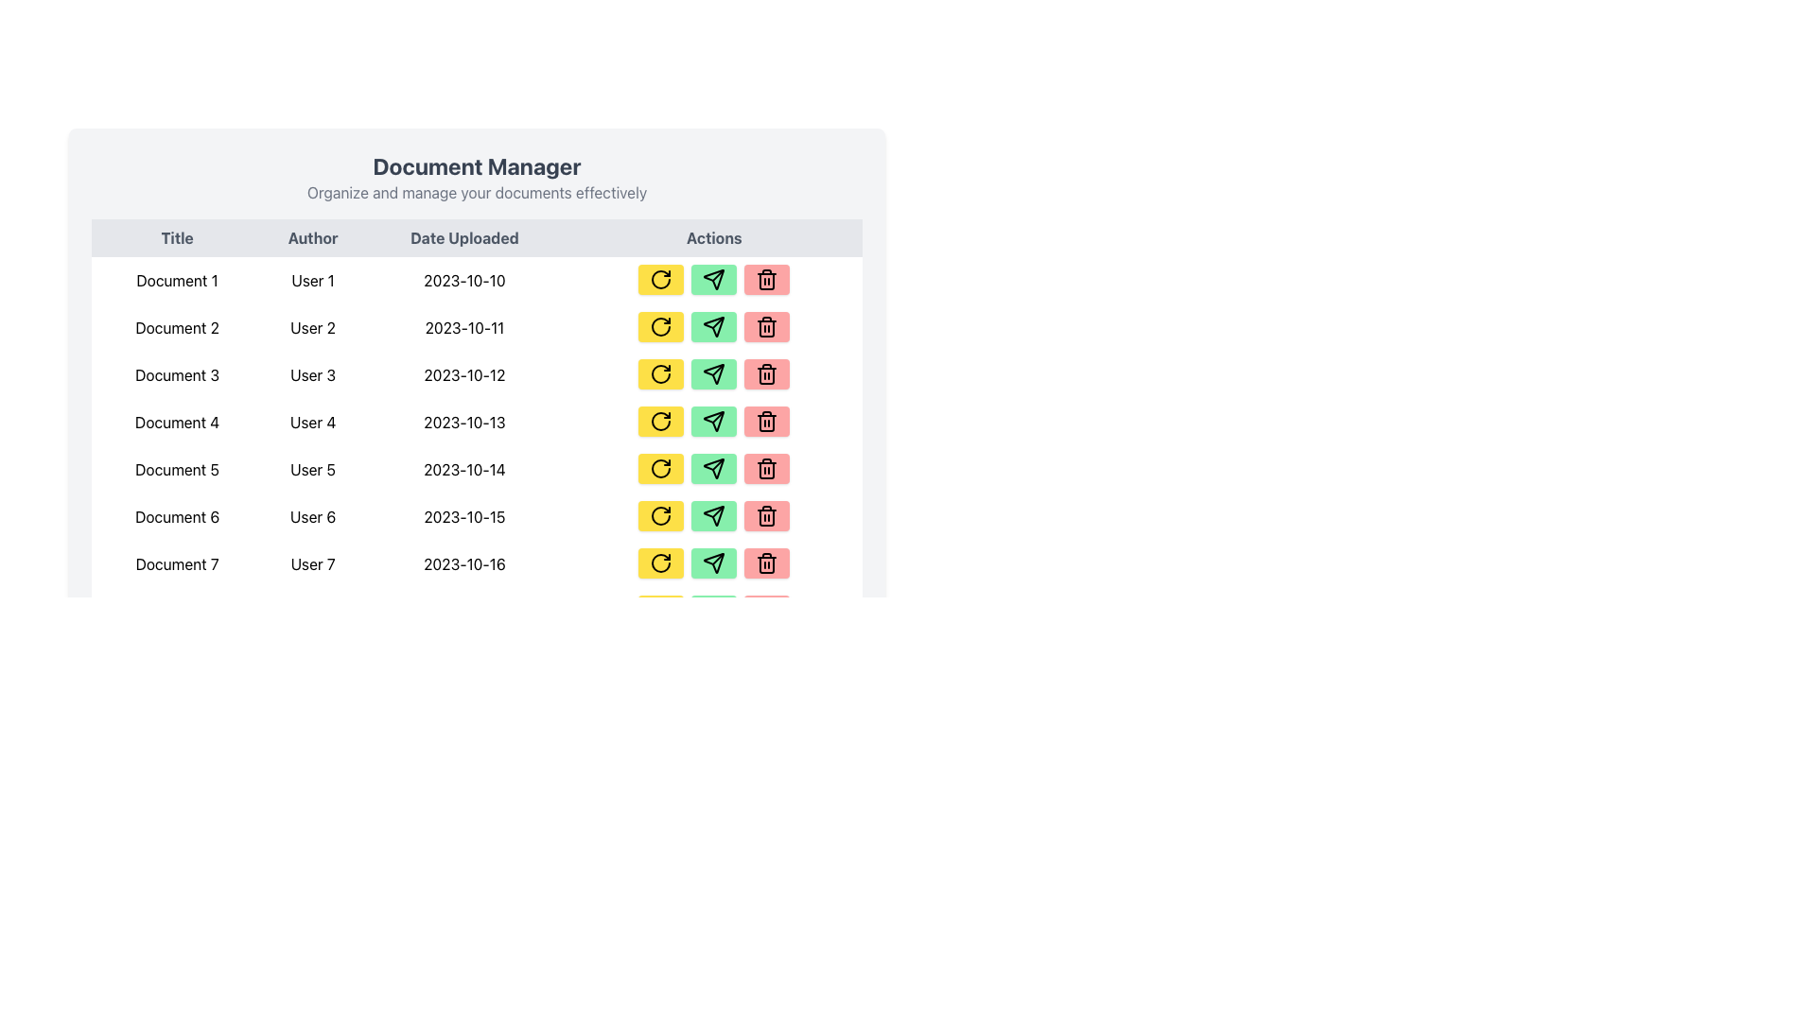  Describe the element at coordinates (713, 280) in the screenshot. I see `the green button with an airplane icon that is centrally positioned in the 'Actions' column, between the 'Refresh' and 'Delete' buttons, to visualize the hover effect` at that location.